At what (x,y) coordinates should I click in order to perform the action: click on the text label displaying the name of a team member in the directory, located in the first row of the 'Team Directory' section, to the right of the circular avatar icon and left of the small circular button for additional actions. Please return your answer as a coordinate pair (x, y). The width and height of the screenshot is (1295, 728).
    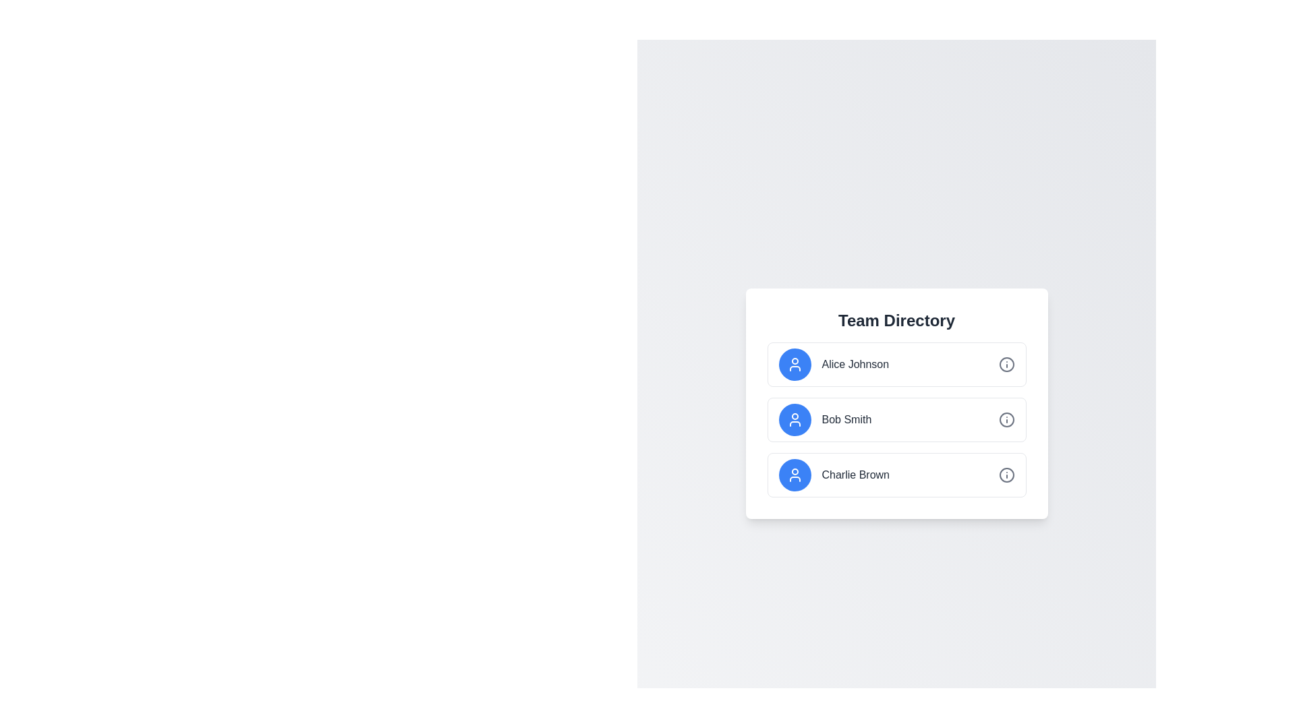
    Looking at the image, I should click on (855, 364).